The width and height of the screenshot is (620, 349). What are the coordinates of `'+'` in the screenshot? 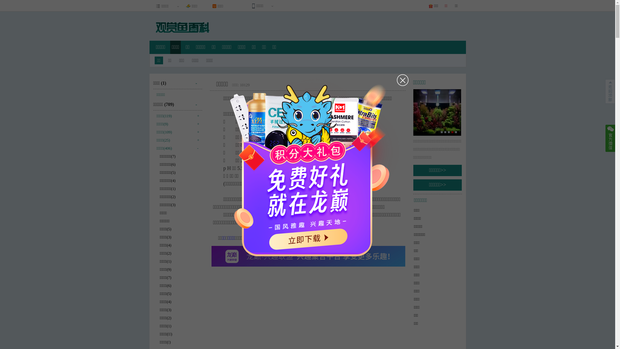 It's located at (196, 131).